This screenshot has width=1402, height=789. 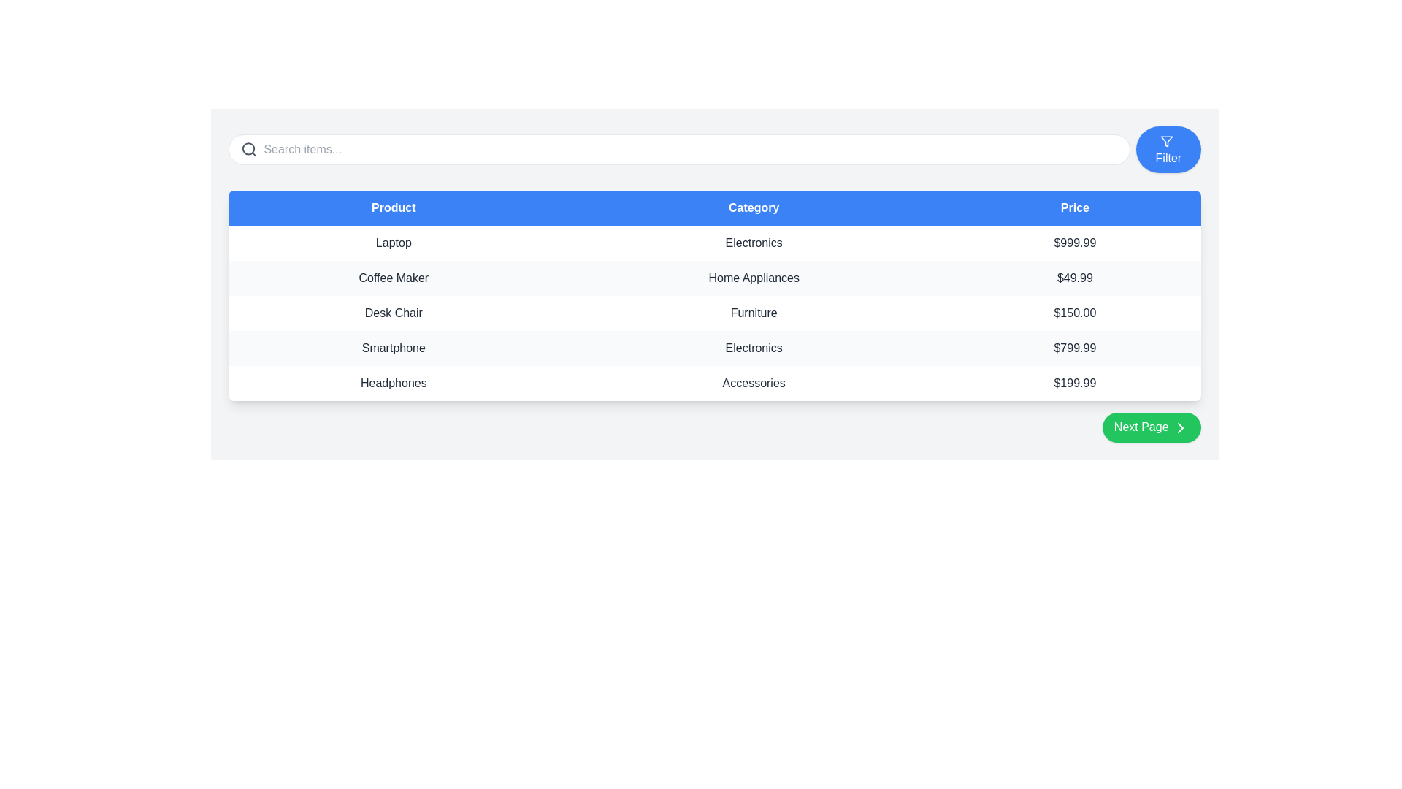 I want to click on the small right-facing chevron arrow icon with a green background located at the right end of the 'Next Page' button, so click(x=1181, y=427).